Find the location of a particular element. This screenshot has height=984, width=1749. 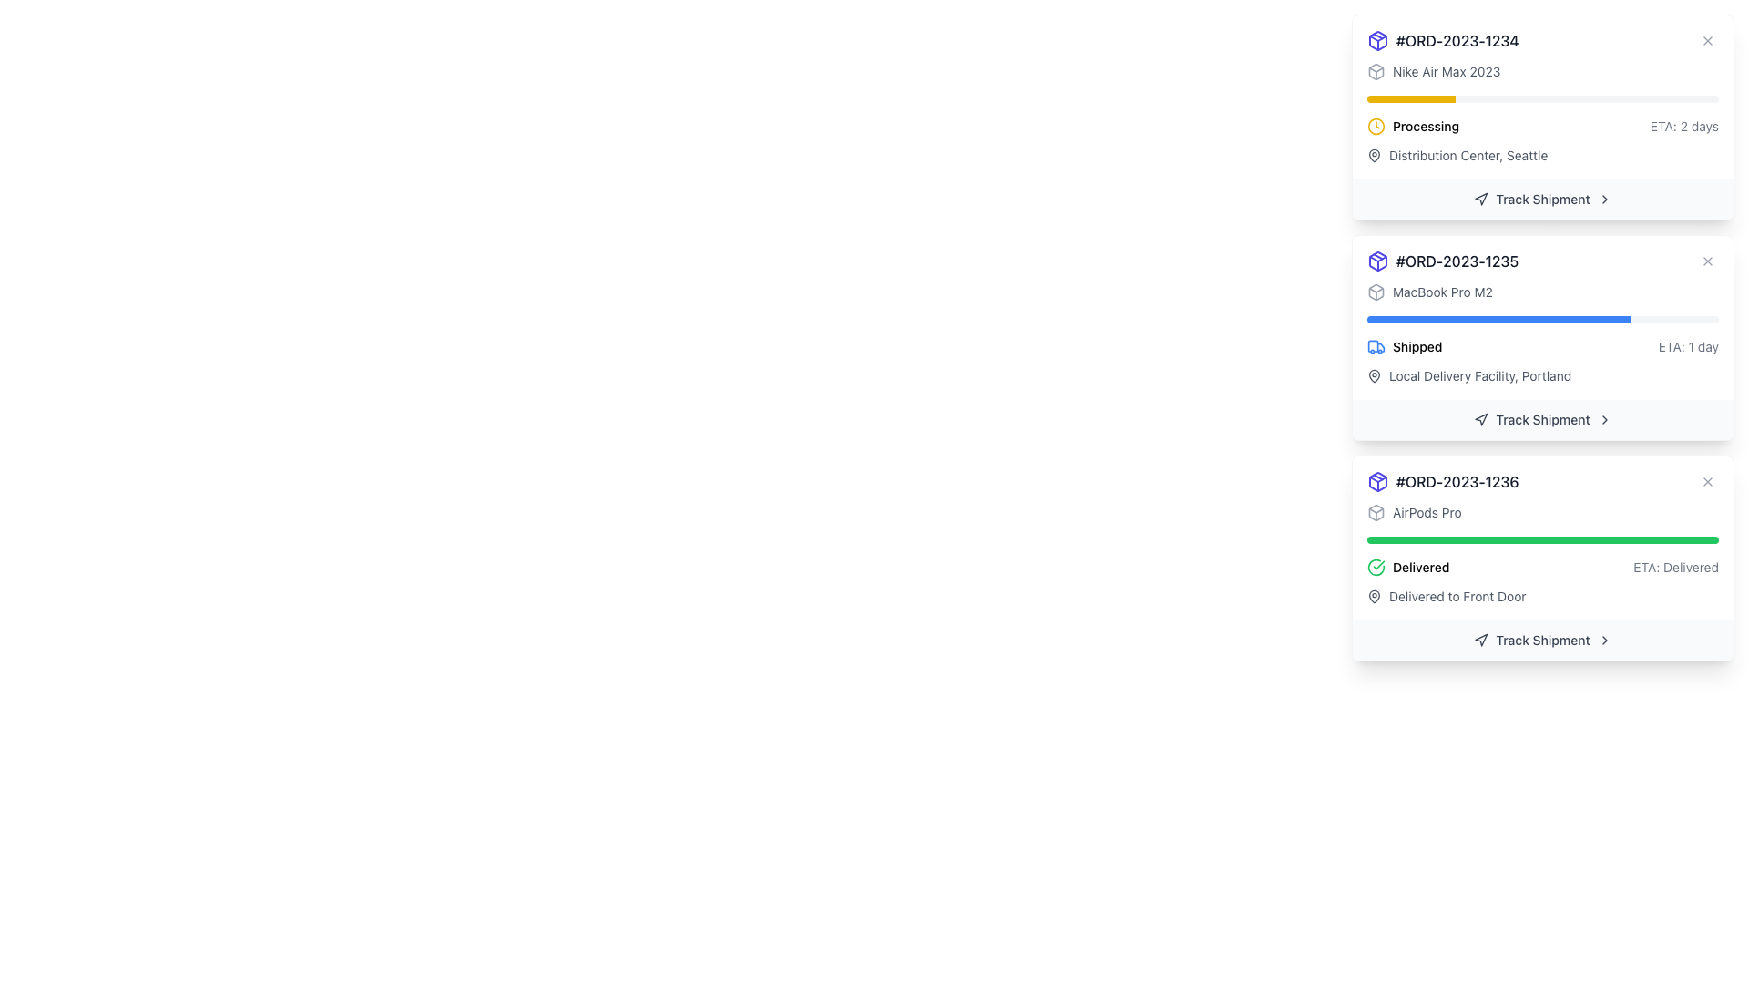

the 'Track Shipment' button located at the bottom of the last order status card is located at coordinates (1542, 639).